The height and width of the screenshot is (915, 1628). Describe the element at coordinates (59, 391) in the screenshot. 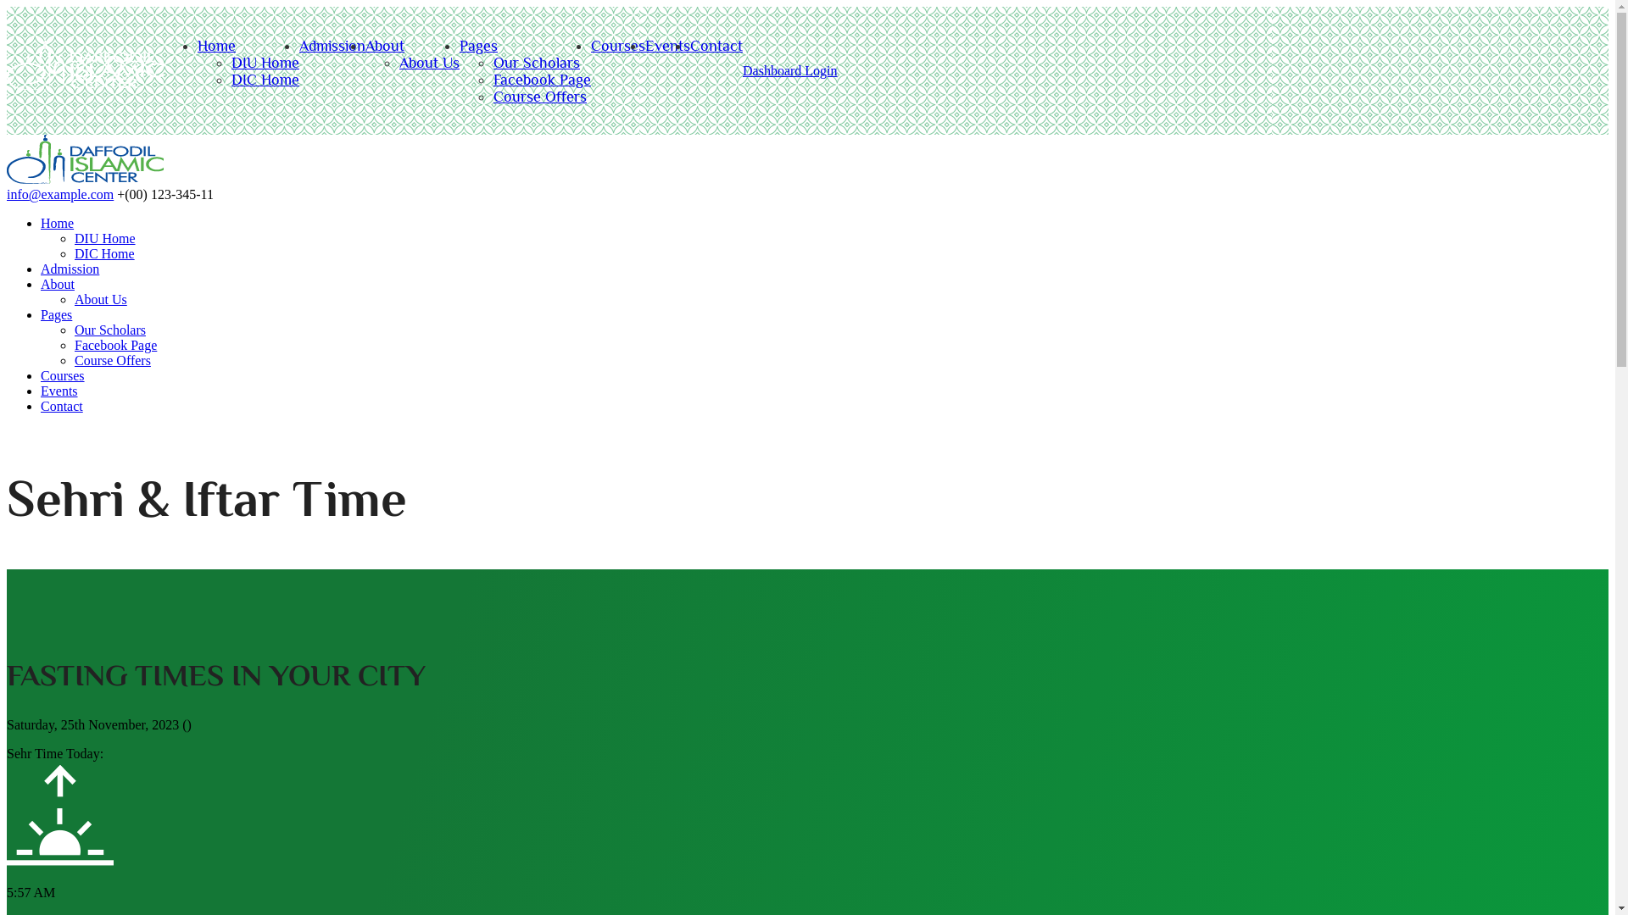

I see `'Events'` at that location.